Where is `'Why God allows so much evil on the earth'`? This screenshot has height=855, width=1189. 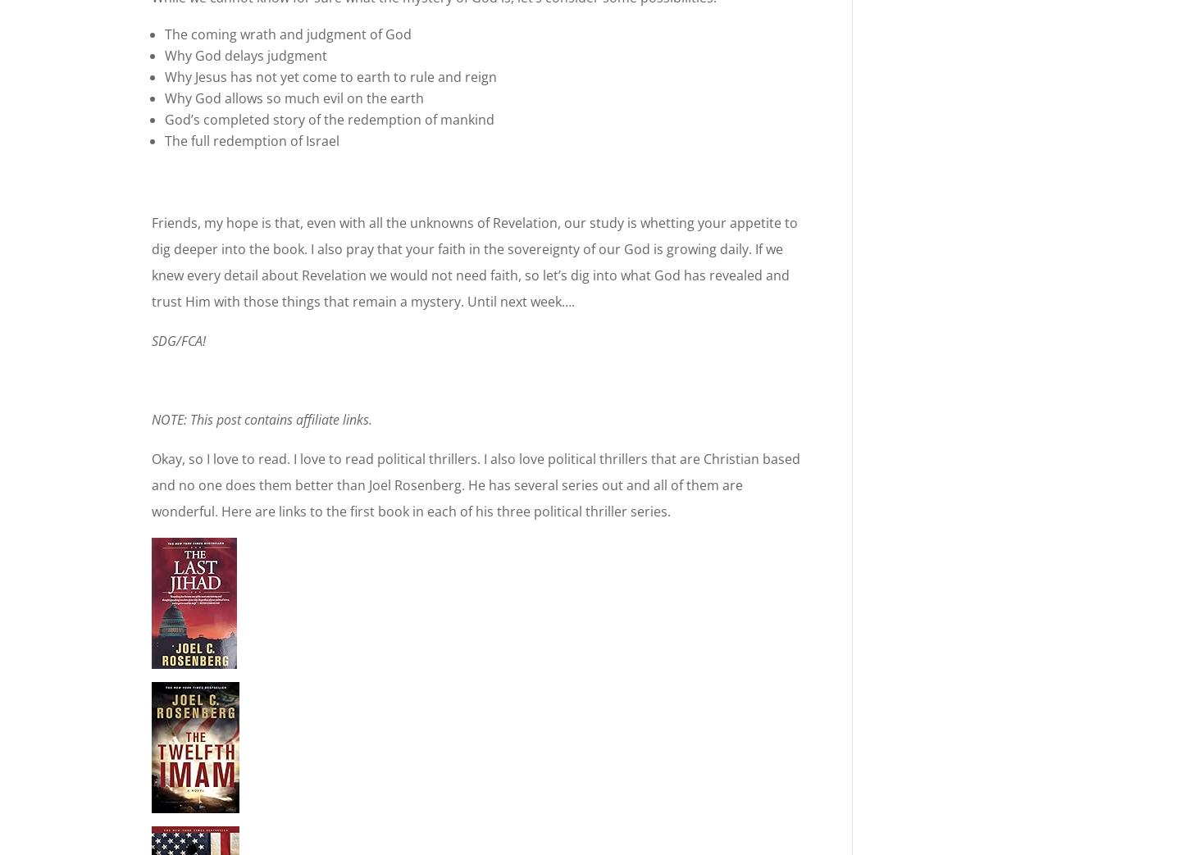
'Why God allows so much evil on the earth' is located at coordinates (294, 98).